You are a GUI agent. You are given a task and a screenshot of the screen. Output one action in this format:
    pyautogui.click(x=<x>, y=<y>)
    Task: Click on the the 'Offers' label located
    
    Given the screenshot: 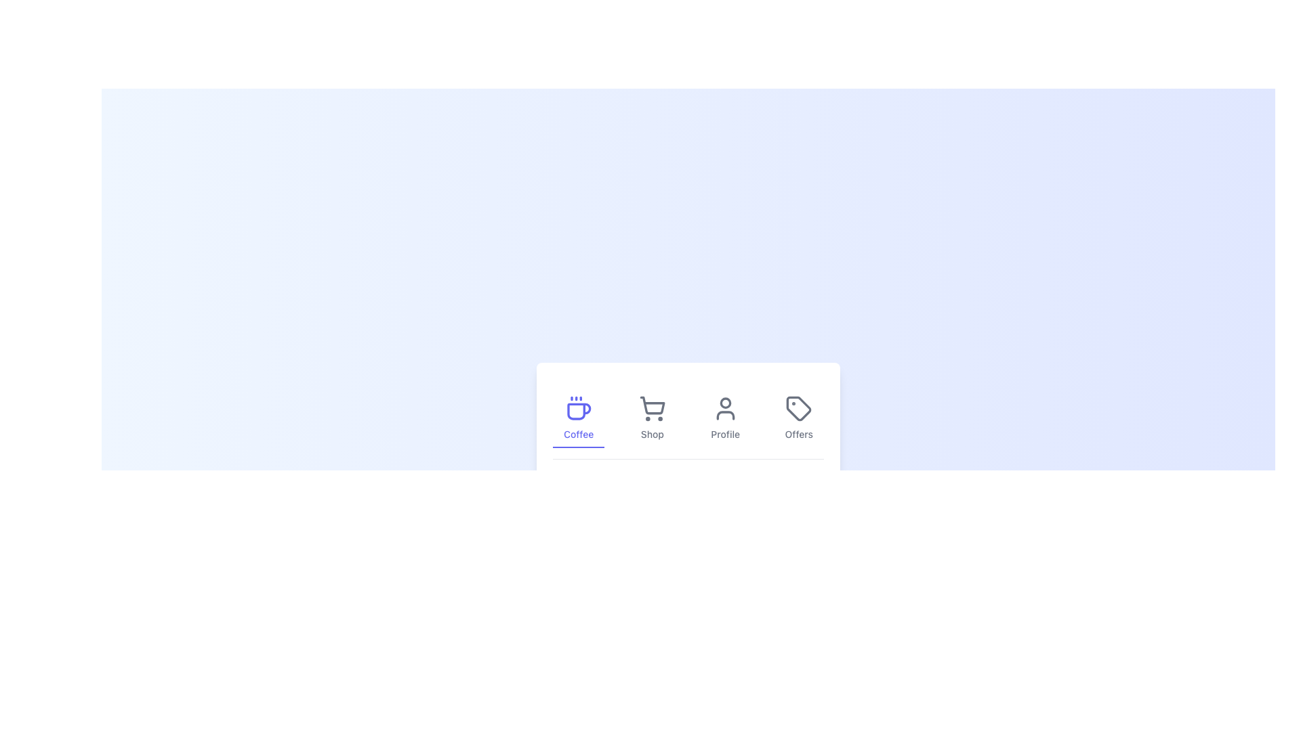 What is the action you would take?
    pyautogui.click(x=799, y=434)
    